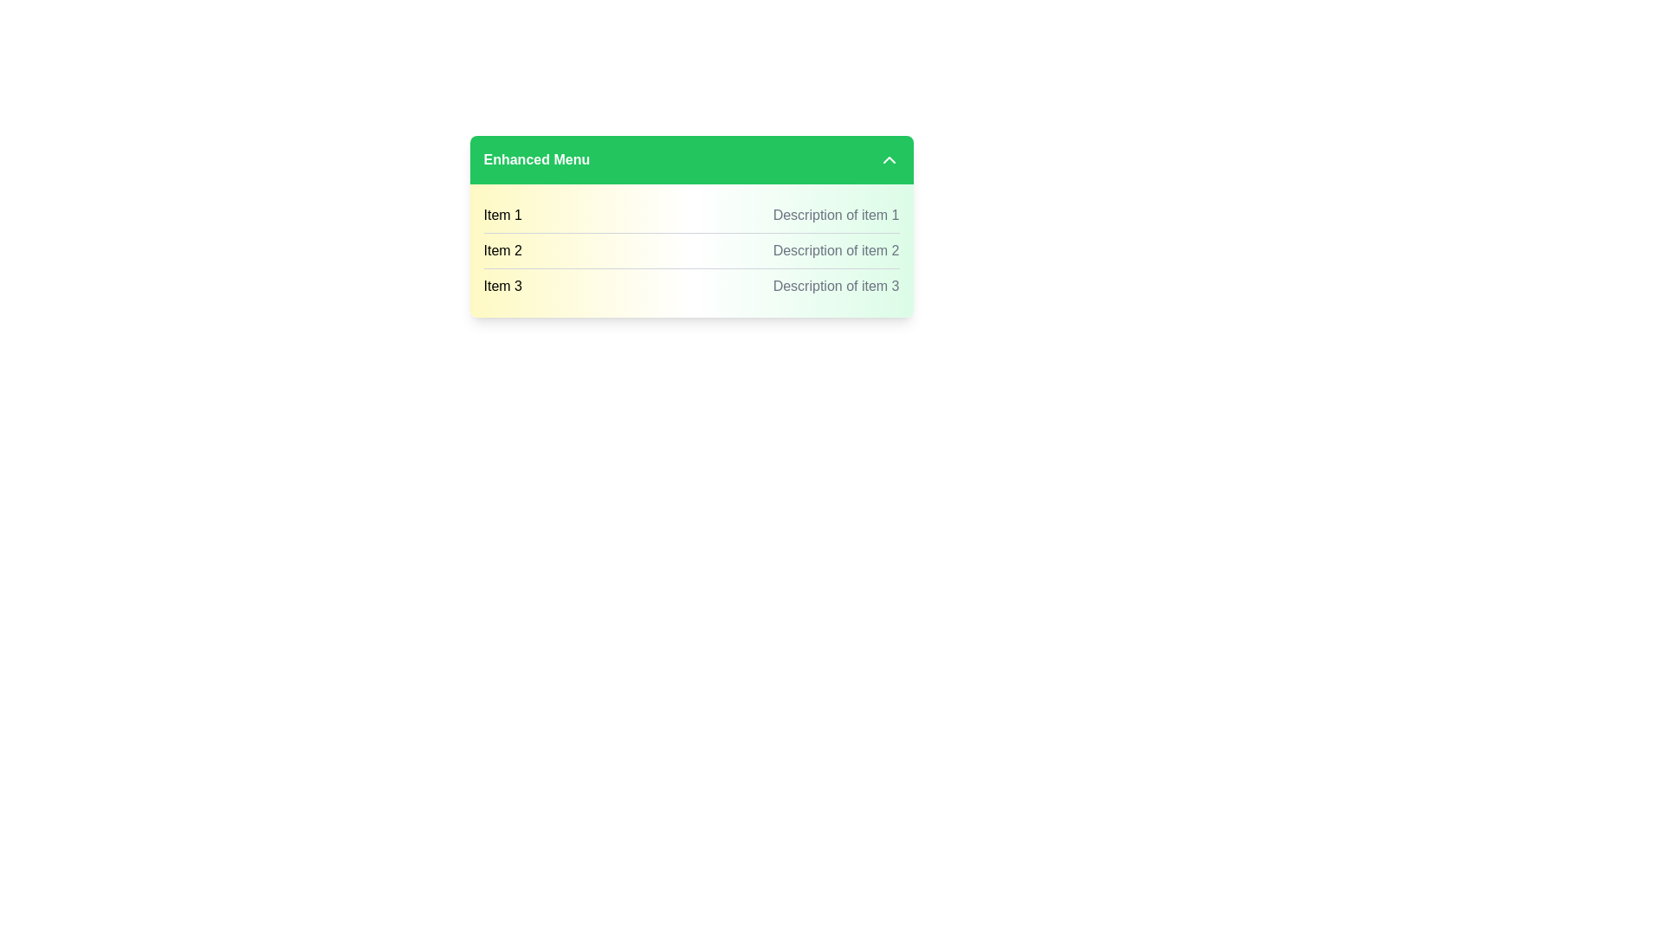 Image resolution: width=1663 pixels, height=935 pixels. What do you see at coordinates (501, 215) in the screenshot?
I see `the label element displaying the text 'Item 1', which is styled with a bold font and positioned at the top of a vertically-stacked list in the menu` at bounding box center [501, 215].